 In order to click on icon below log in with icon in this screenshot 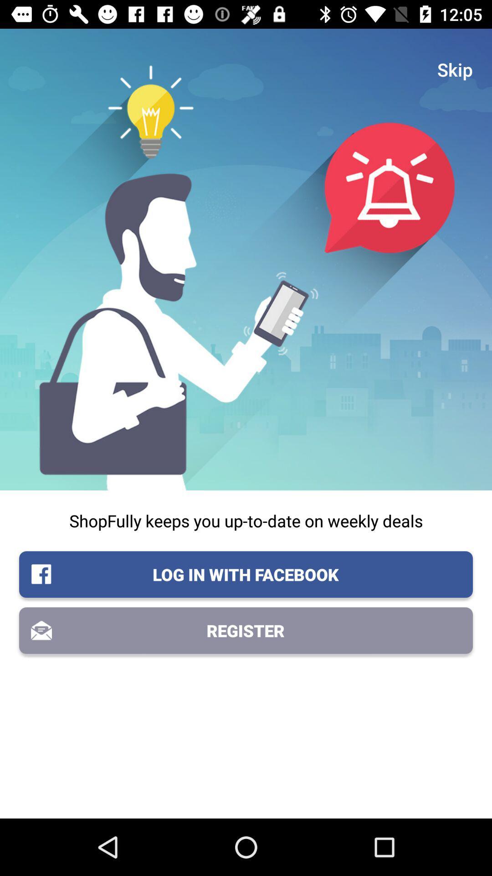, I will do `click(246, 630)`.